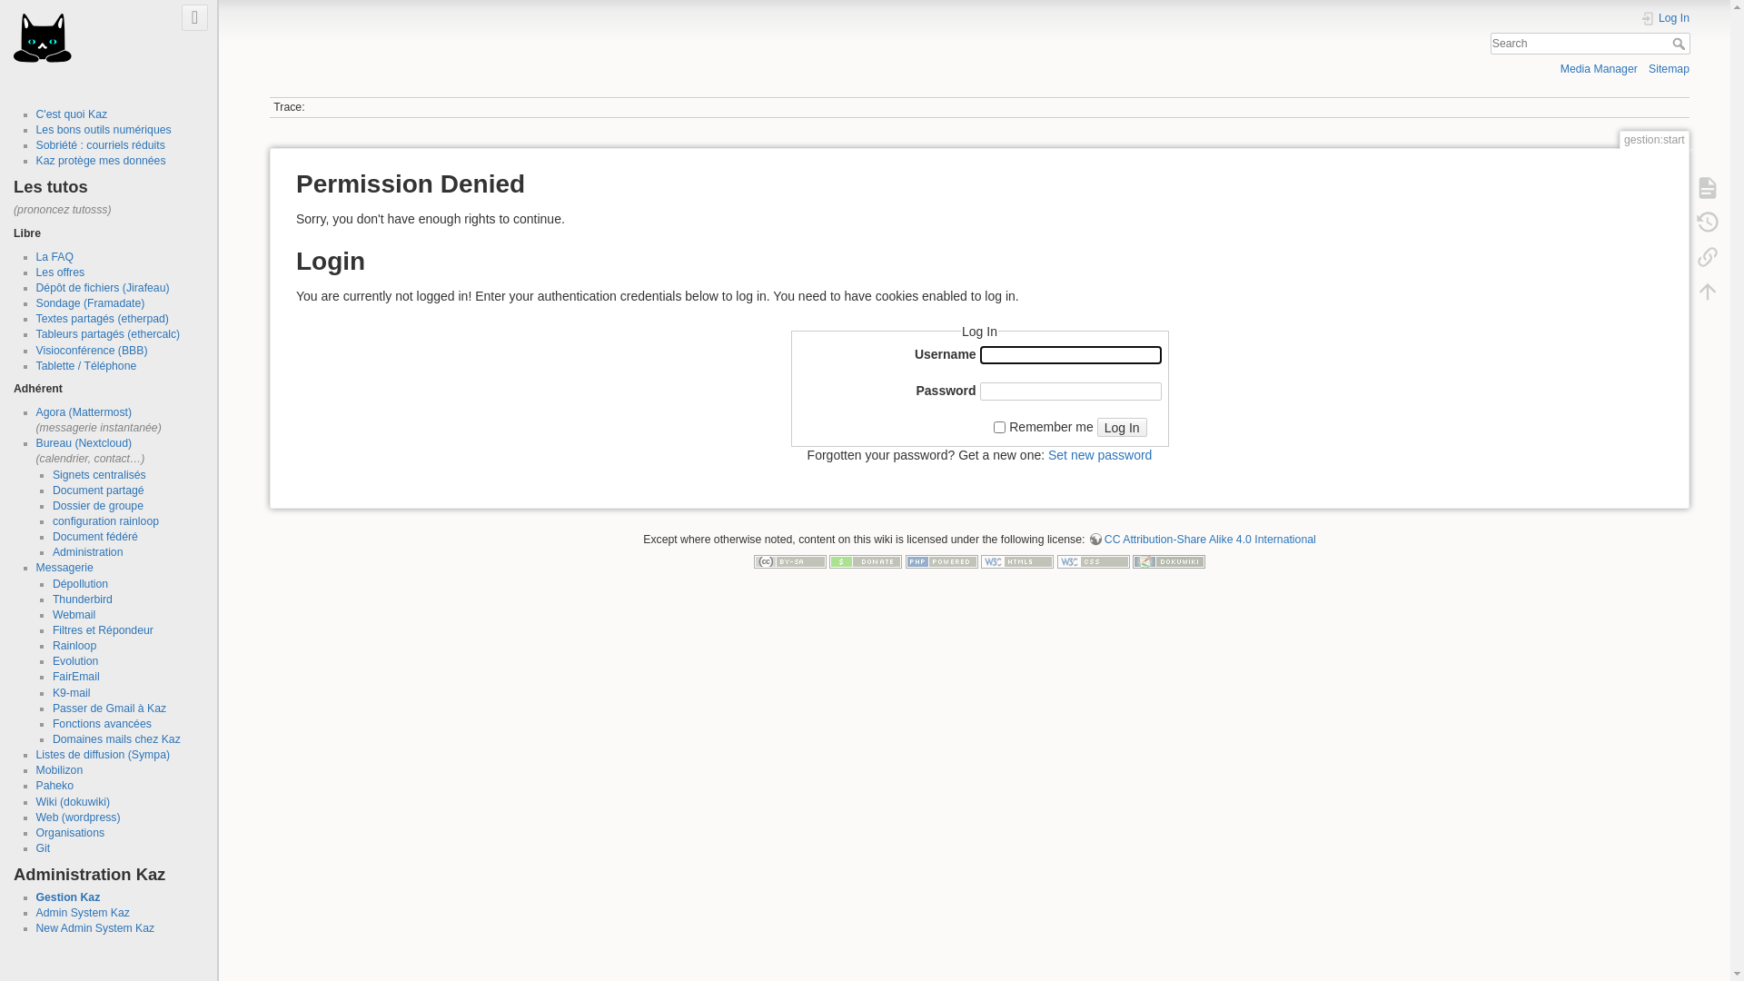  Describe the element at coordinates (60, 770) in the screenshot. I see `'Mobilizon'` at that location.